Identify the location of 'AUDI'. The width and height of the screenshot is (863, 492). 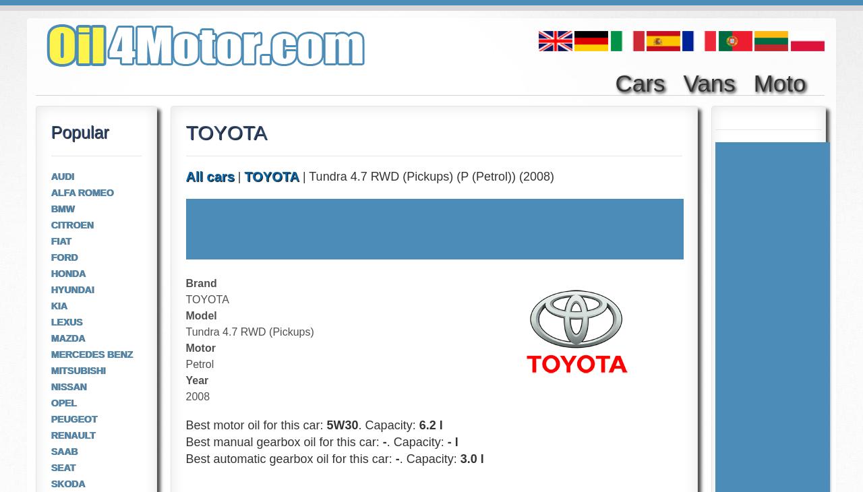
(61, 176).